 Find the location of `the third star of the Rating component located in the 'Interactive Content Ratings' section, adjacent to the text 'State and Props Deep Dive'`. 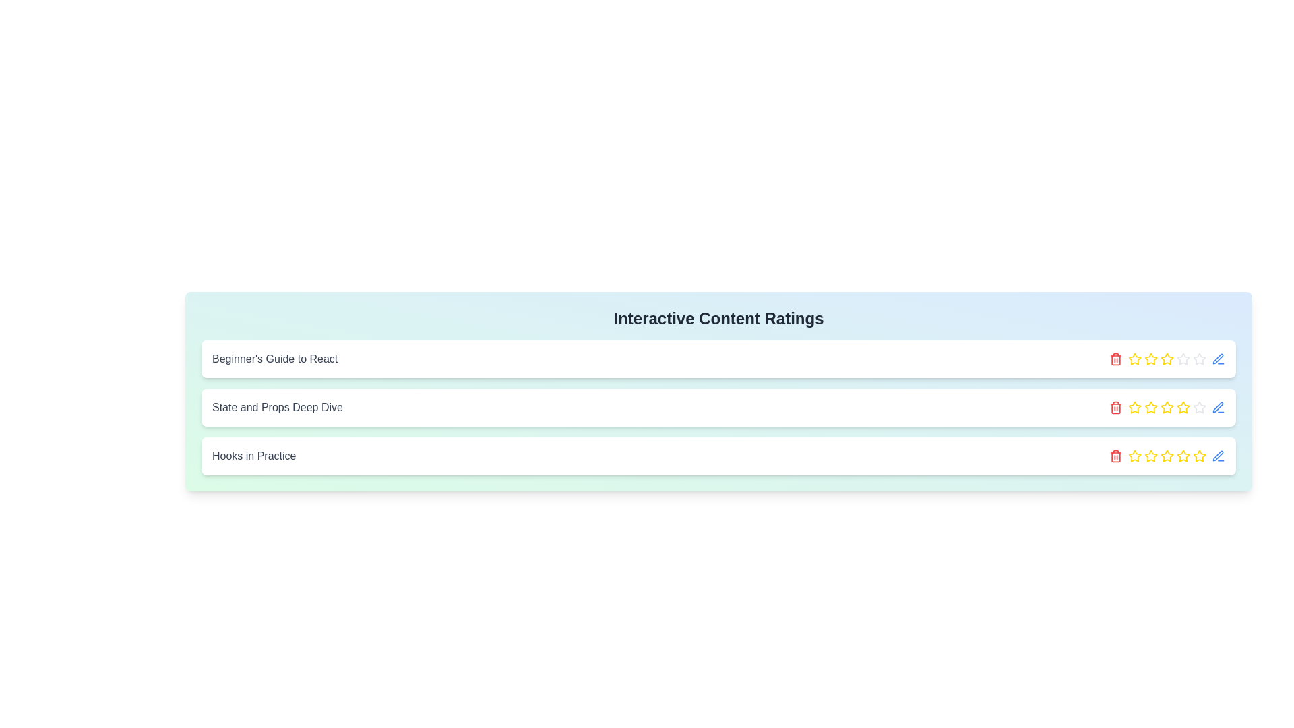

the third star of the Rating component located in the 'Interactive Content Ratings' section, adjacent to the text 'State and Props Deep Dive' is located at coordinates (1167, 358).